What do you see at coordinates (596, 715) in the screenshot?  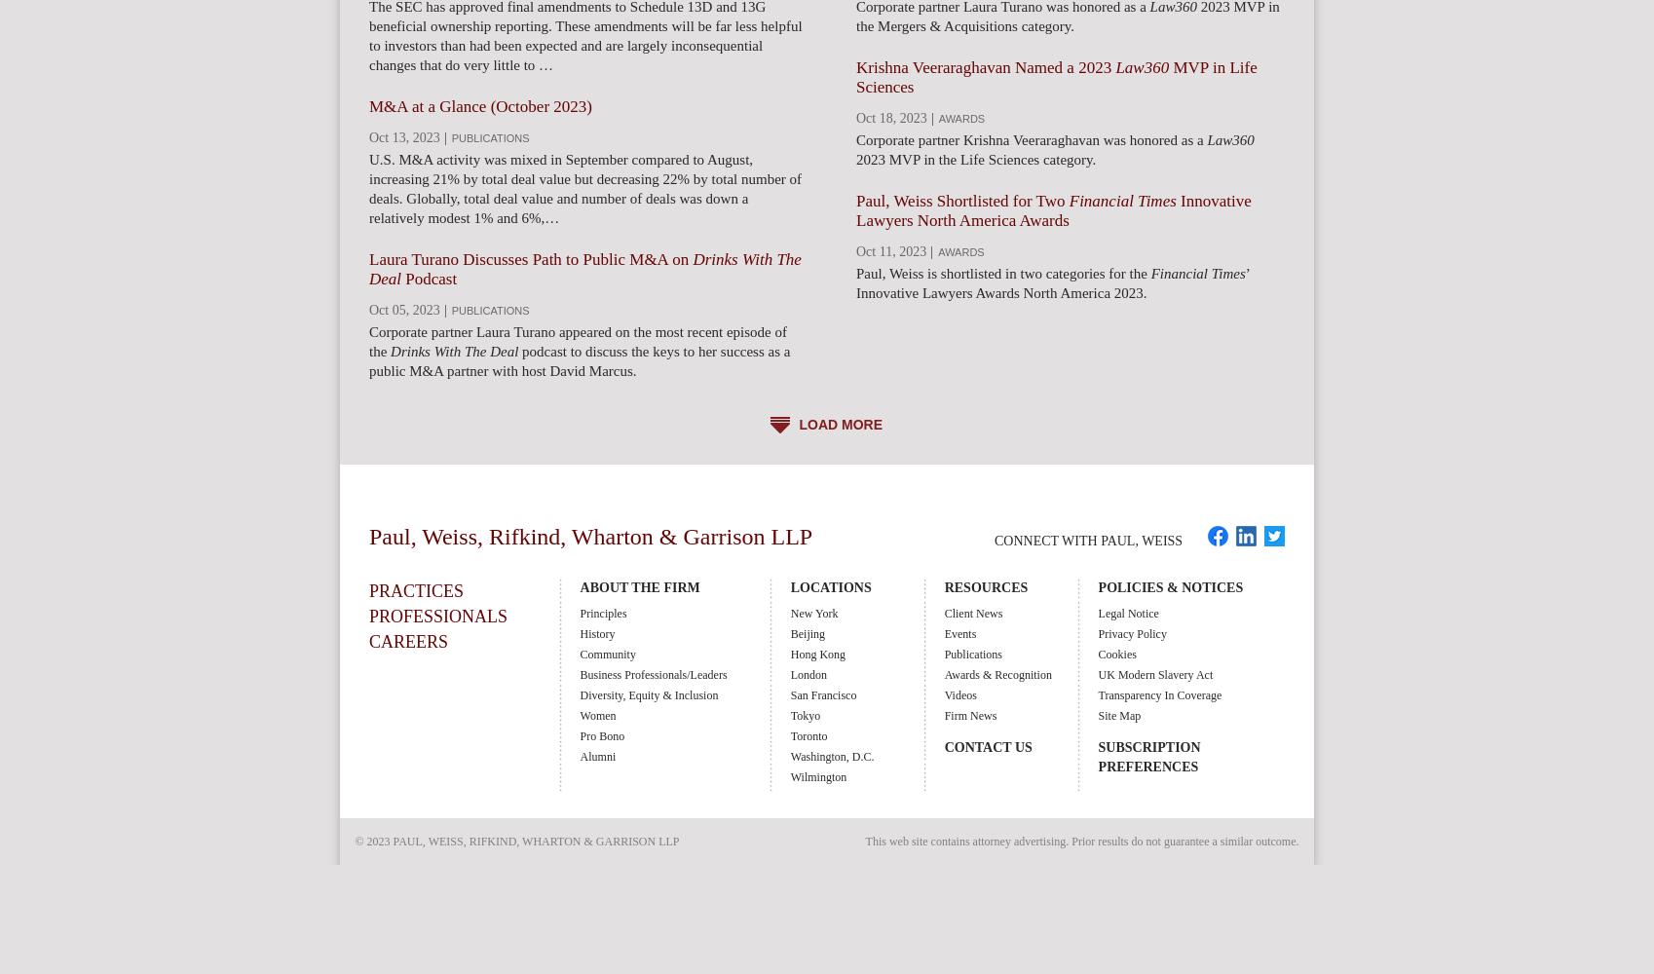 I see `'Women'` at bounding box center [596, 715].